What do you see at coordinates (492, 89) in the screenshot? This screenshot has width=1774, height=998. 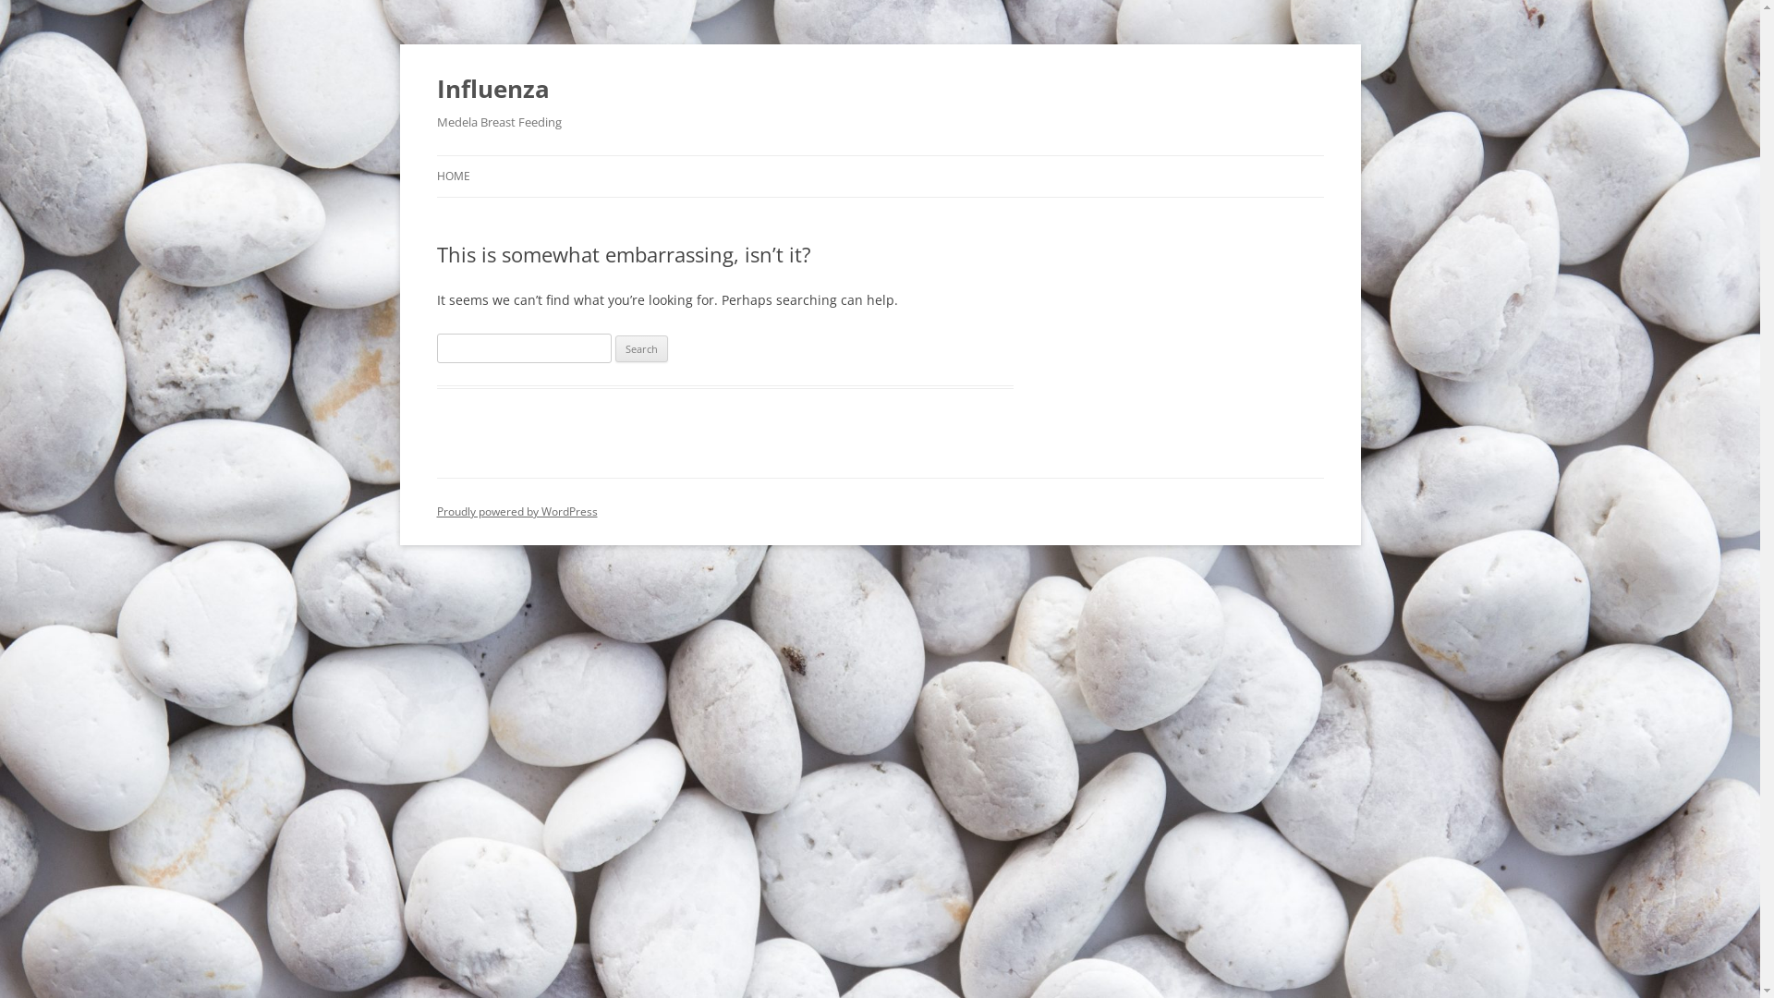 I see `'Influenza'` at bounding box center [492, 89].